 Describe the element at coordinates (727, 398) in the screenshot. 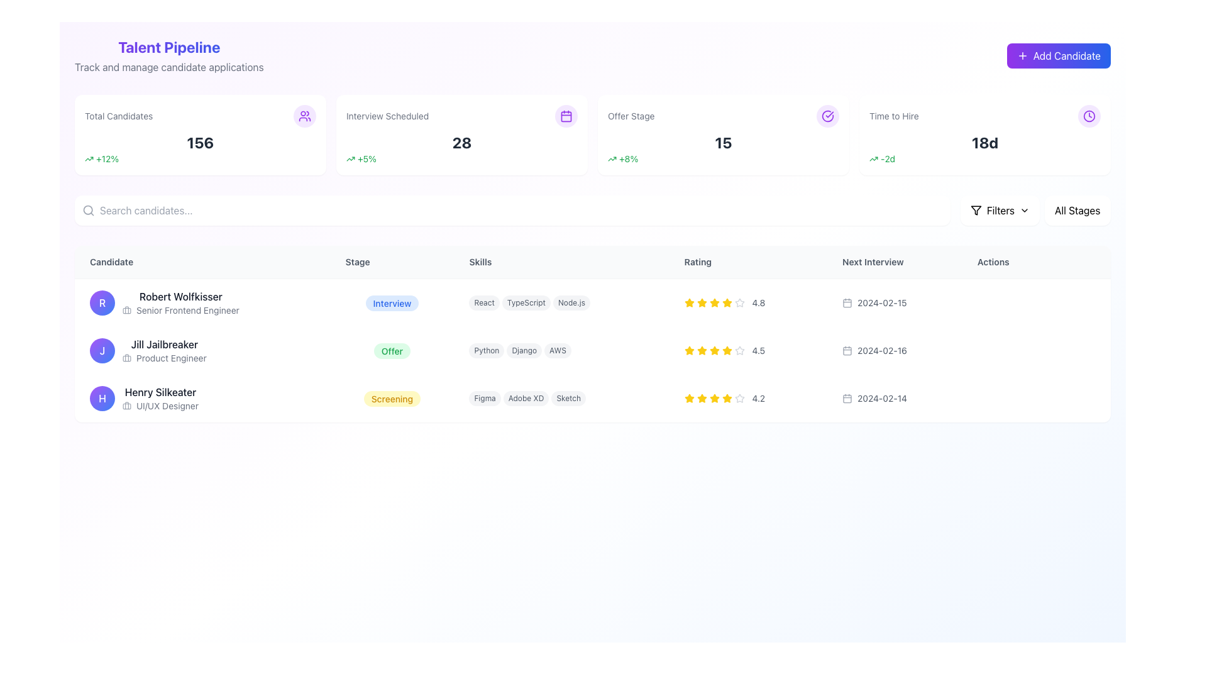

I see `the fifth star icon in the rating system for 'Henry Silkeater', located in the third row of the table under the 'Rating' column` at that location.